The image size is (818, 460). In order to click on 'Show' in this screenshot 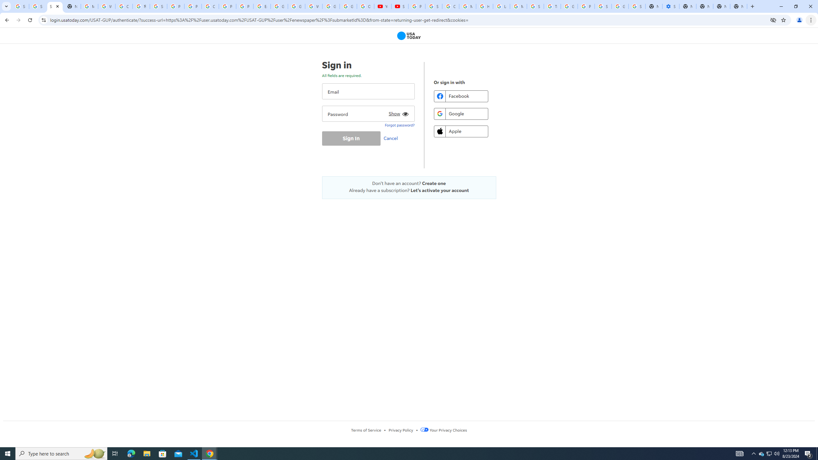, I will do `click(397, 112)`.